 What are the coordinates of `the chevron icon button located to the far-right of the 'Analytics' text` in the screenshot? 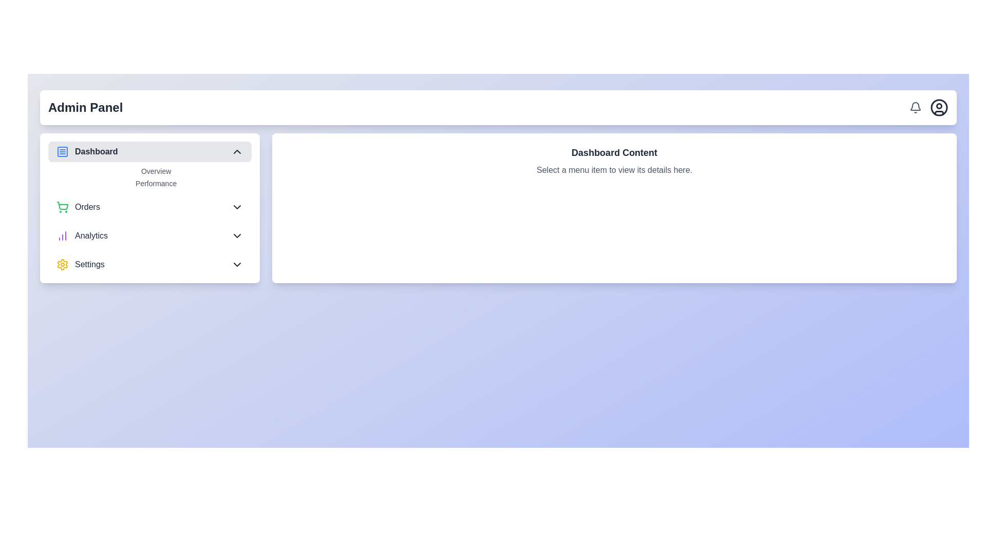 It's located at (237, 235).